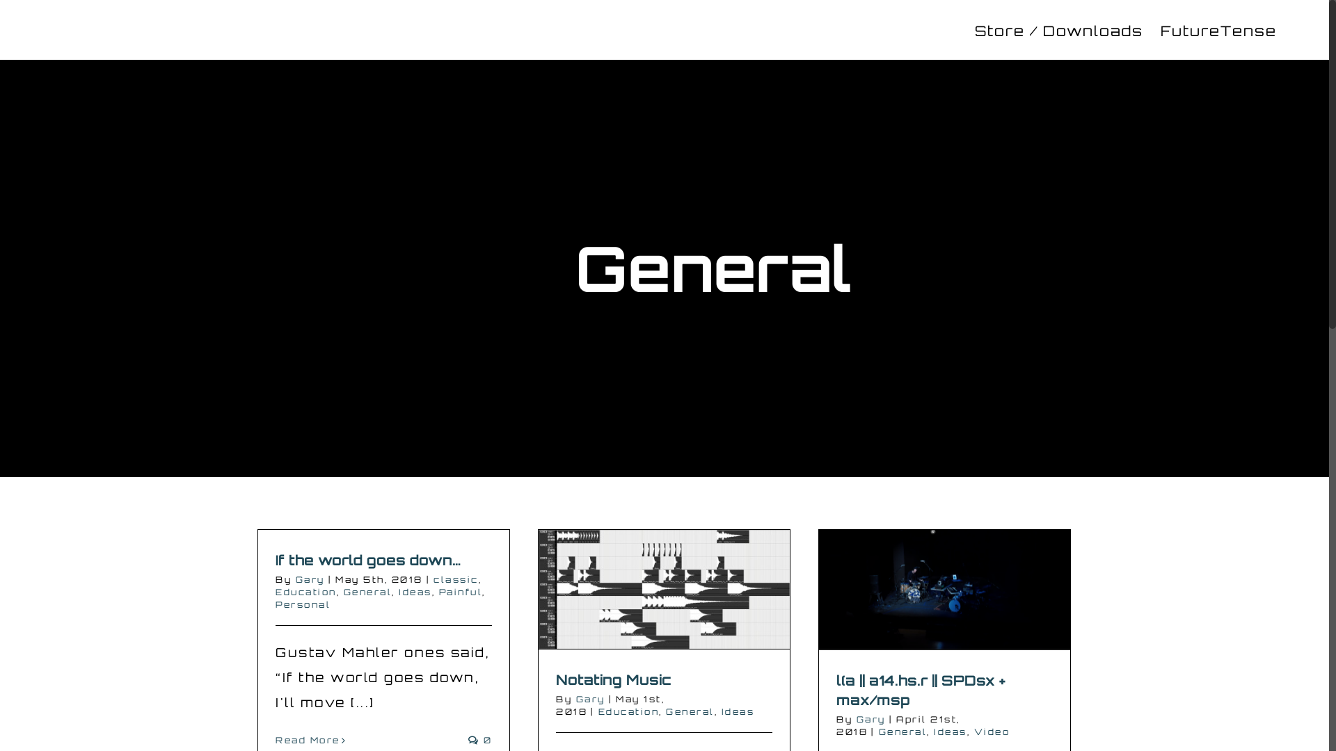  Describe the element at coordinates (591, 699) in the screenshot. I see `'Gary'` at that location.